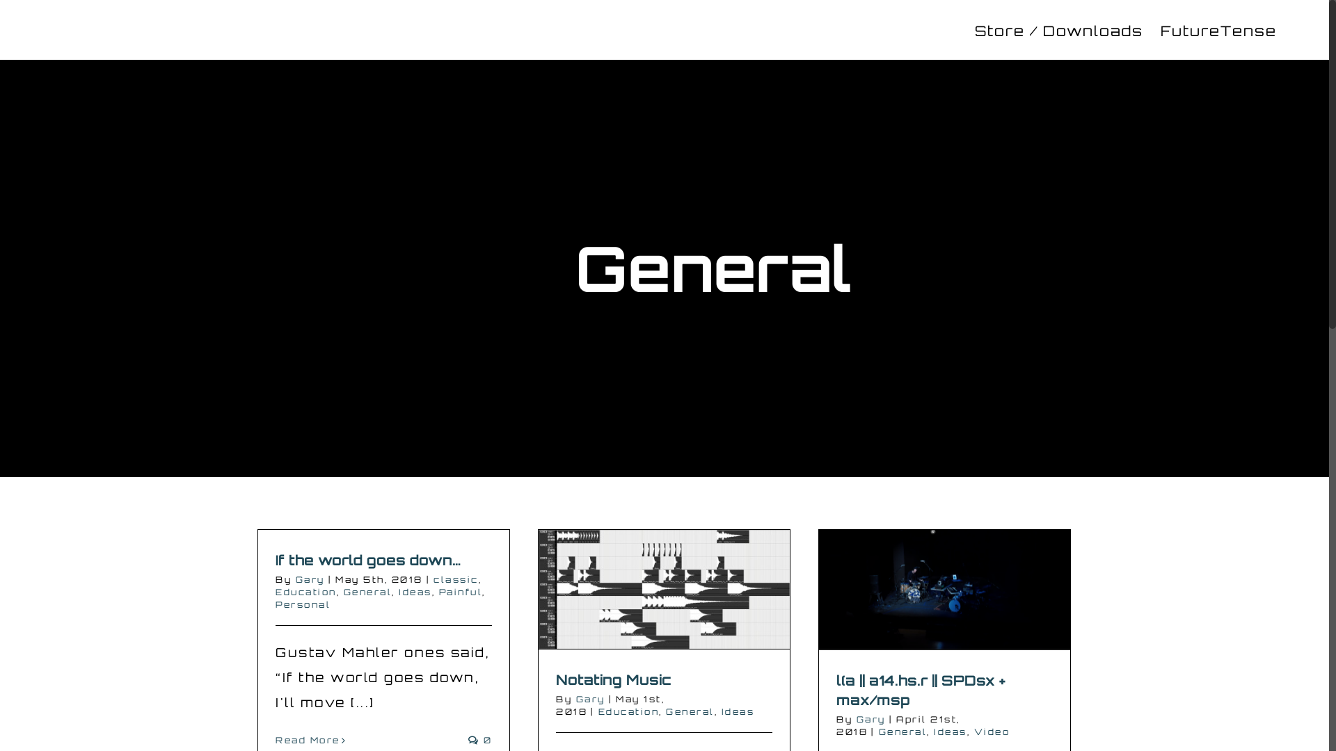  Describe the element at coordinates (591, 699) in the screenshot. I see `'Gary'` at that location.